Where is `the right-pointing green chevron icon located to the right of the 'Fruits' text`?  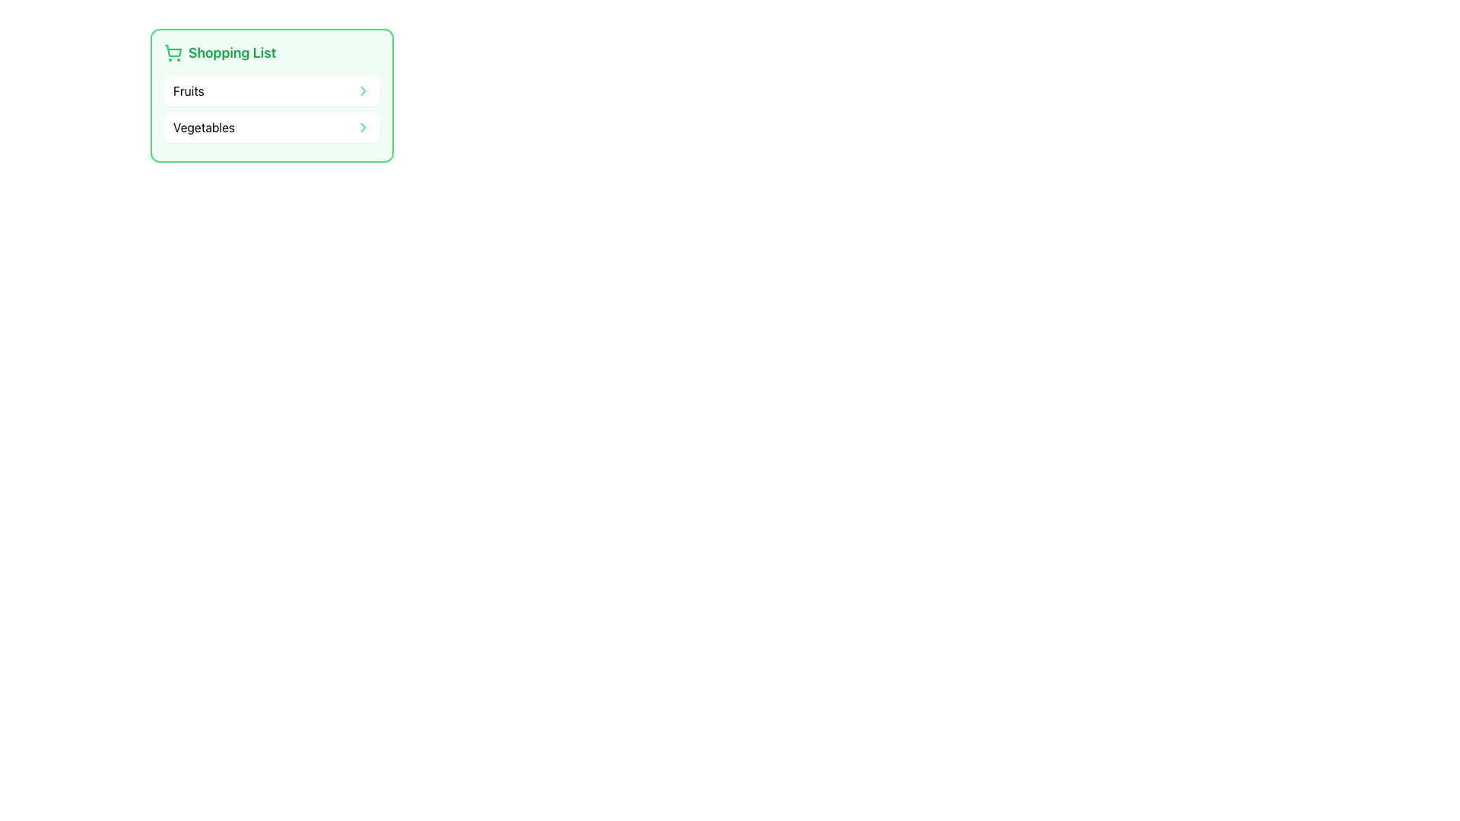
the right-pointing green chevron icon located to the right of the 'Fruits' text is located at coordinates (363, 90).